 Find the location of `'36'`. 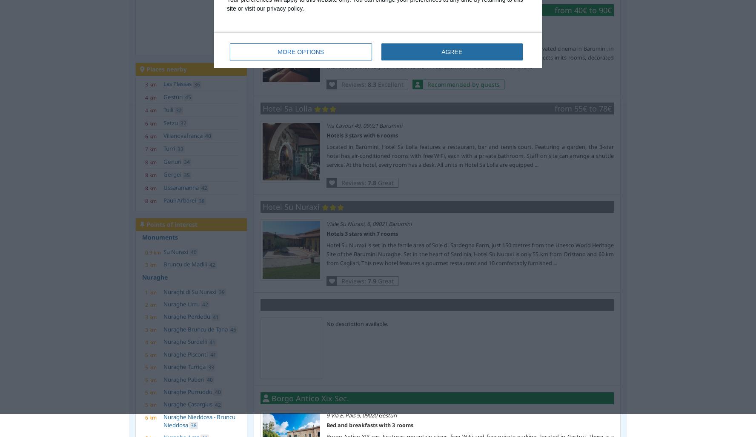

'36' is located at coordinates (197, 83).